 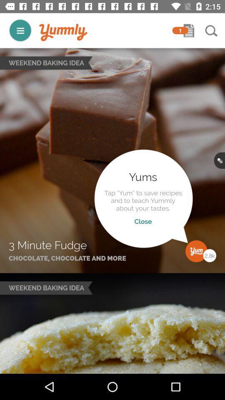 What do you see at coordinates (20, 30) in the screenshot?
I see `setting` at bounding box center [20, 30].